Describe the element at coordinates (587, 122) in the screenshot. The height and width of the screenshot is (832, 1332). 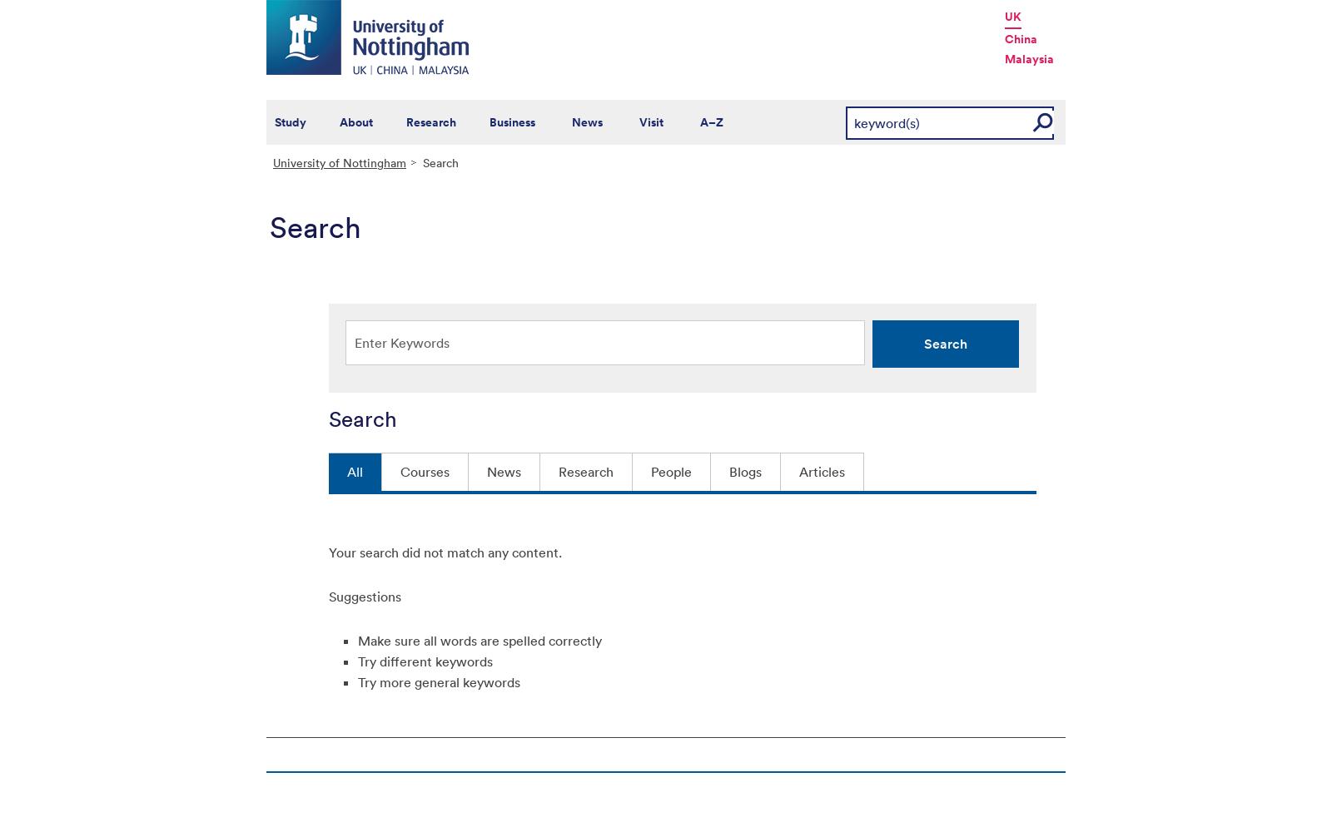
I see `'News'` at that location.